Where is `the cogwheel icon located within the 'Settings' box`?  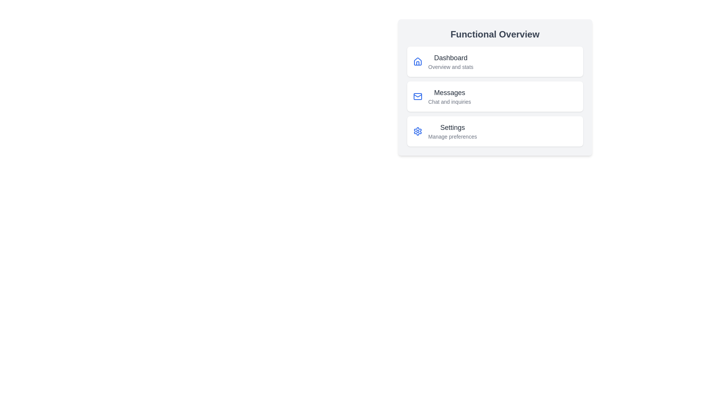
the cogwheel icon located within the 'Settings' box is located at coordinates (417, 131).